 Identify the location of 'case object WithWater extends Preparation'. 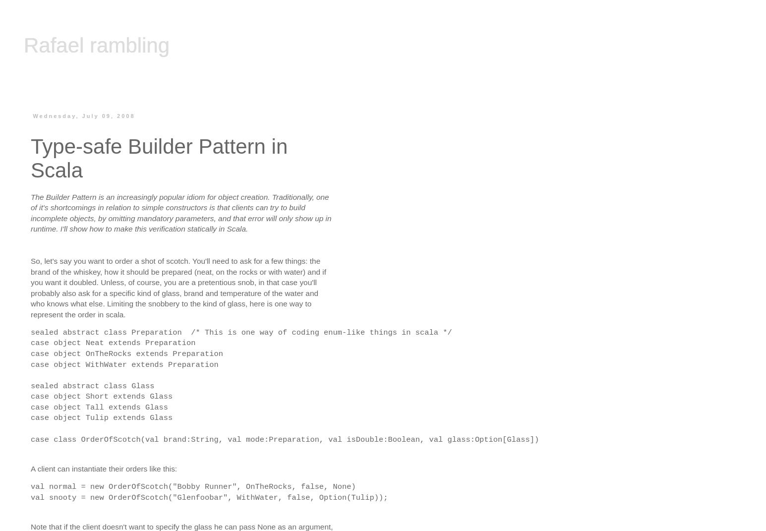
(124, 364).